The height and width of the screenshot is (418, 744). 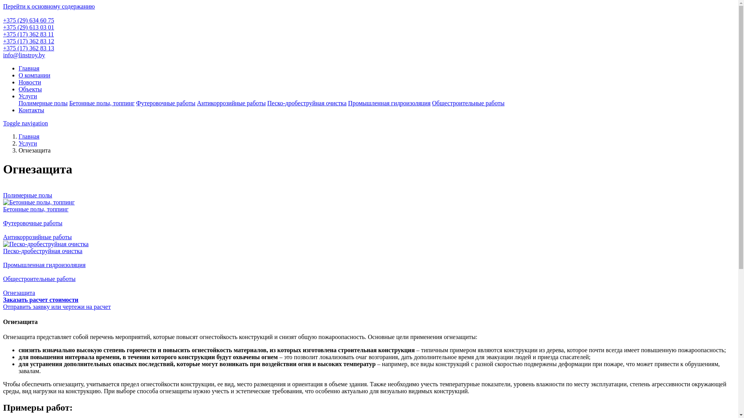 What do you see at coordinates (3, 20) in the screenshot?
I see `'+375 (29) 634 60 75'` at bounding box center [3, 20].